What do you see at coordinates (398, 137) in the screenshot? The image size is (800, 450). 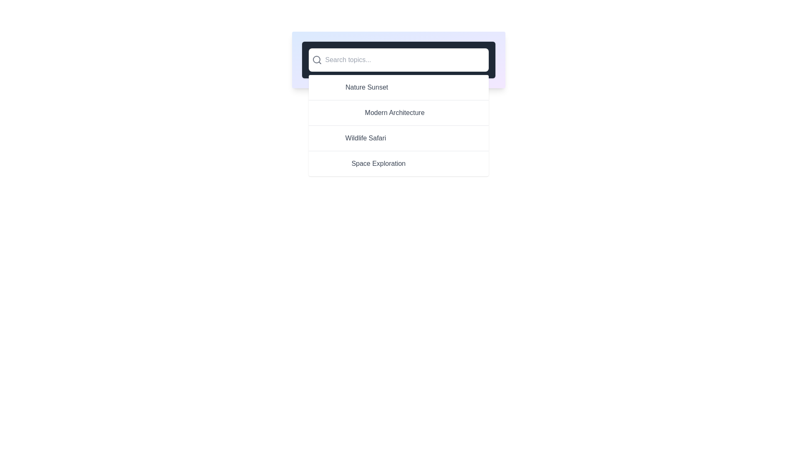 I see `the third list item labeled 'Wildlife Safari' to trigger the hover effect, which is positioned between 'Modern Architecture' and 'Space Exploration' beneath the search bar` at bounding box center [398, 137].